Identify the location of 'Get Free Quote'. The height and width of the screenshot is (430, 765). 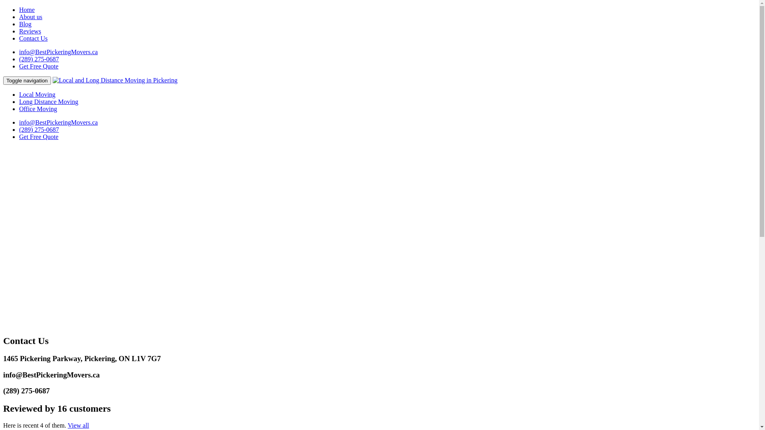
(38, 136).